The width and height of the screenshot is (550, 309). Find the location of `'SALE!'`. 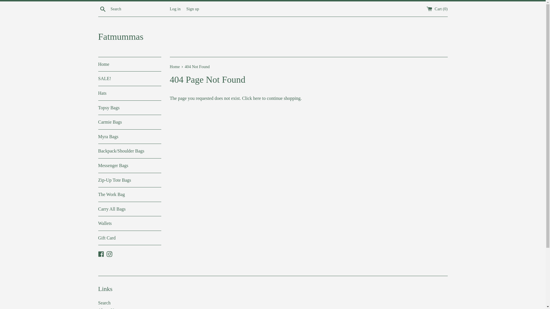

'SALE!' is located at coordinates (98, 78).